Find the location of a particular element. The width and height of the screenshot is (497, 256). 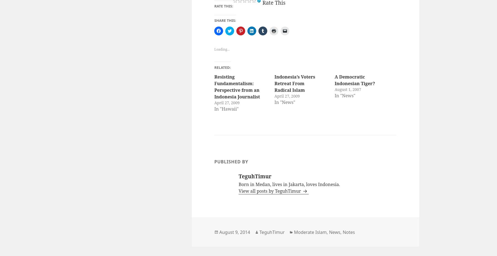

'News' is located at coordinates (334, 232).